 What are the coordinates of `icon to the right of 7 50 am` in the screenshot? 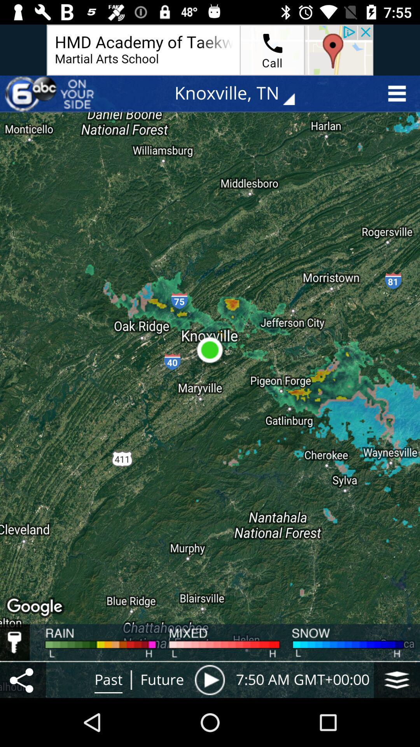 It's located at (397, 679).